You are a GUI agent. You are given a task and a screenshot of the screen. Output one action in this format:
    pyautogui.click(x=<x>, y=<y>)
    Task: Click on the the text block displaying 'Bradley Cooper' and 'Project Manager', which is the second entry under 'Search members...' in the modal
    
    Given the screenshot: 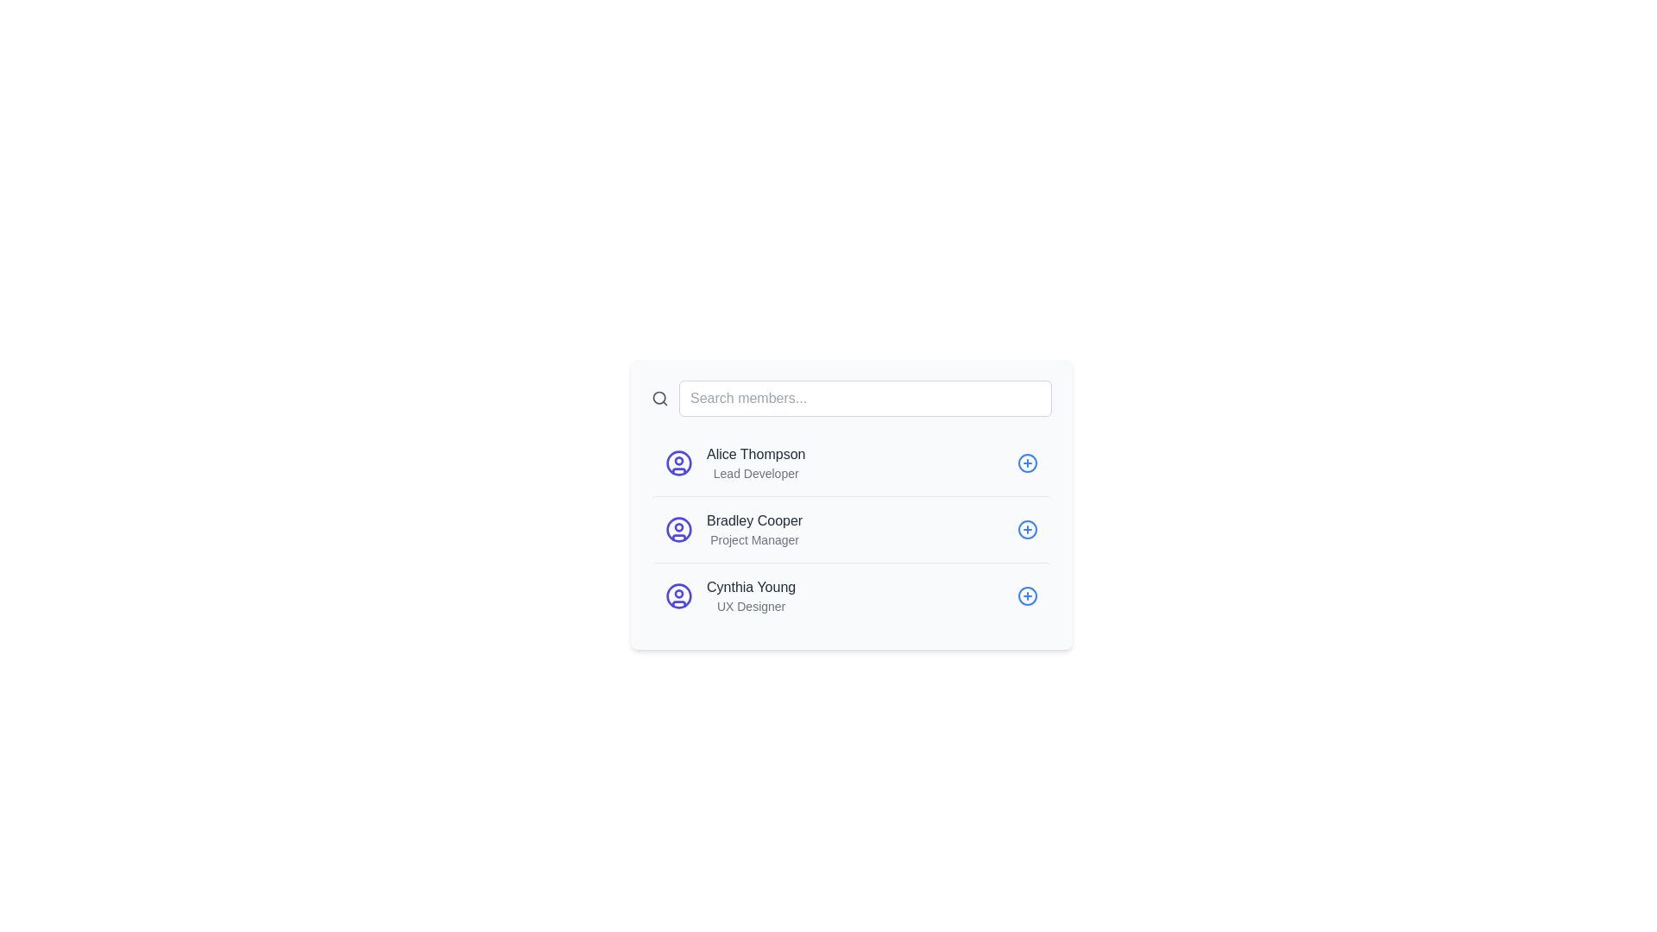 What is the action you would take?
    pyautogui.click(x=754, y=528)
    